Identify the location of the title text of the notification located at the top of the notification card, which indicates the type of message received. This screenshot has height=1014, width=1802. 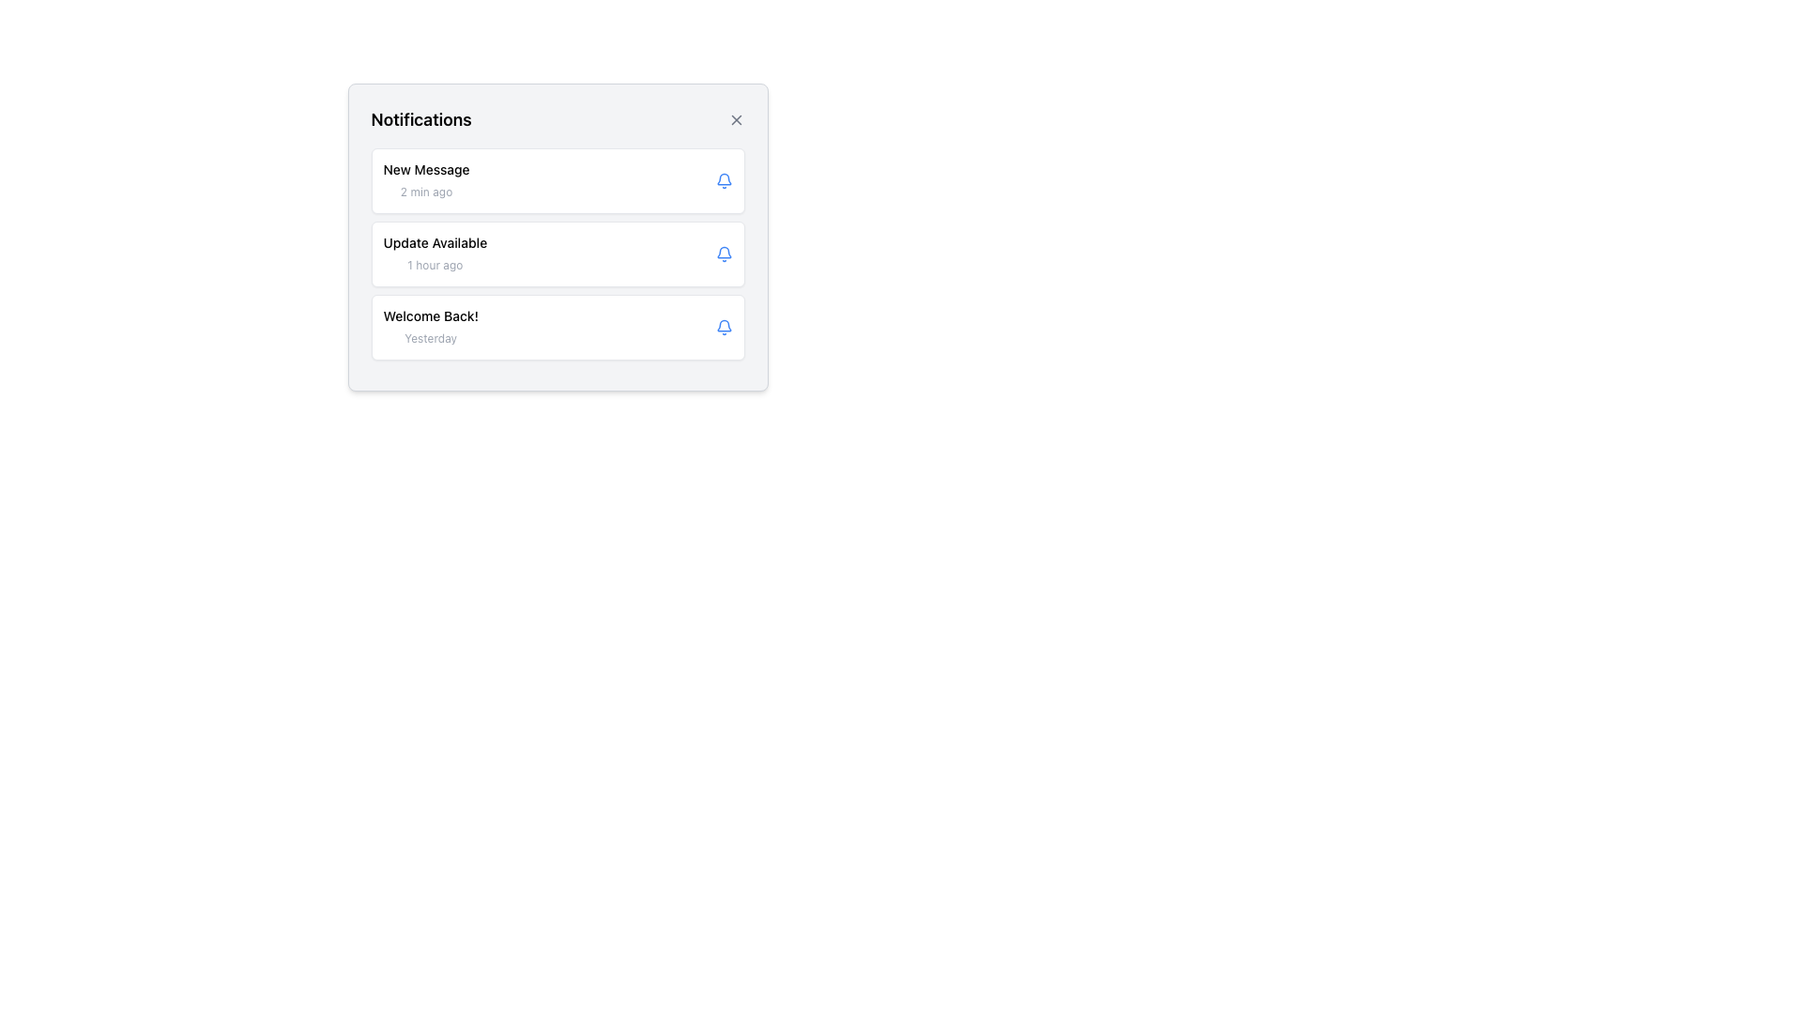
(425, 170).